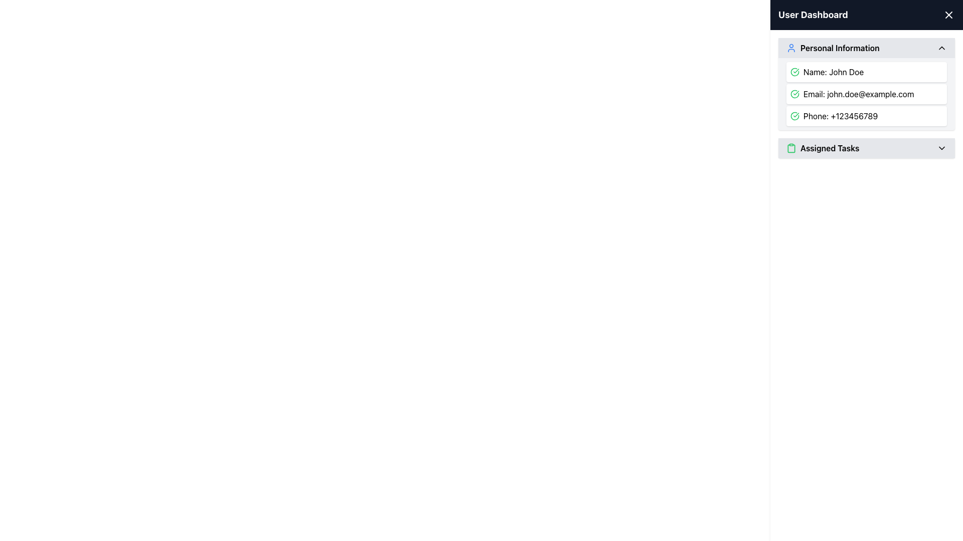 Image resolution: width=963 pixels, height=541 pixels. I want to click on the Collapsible Section Header in the third panel of the User Dashboard for navigation, so click(866, 148).